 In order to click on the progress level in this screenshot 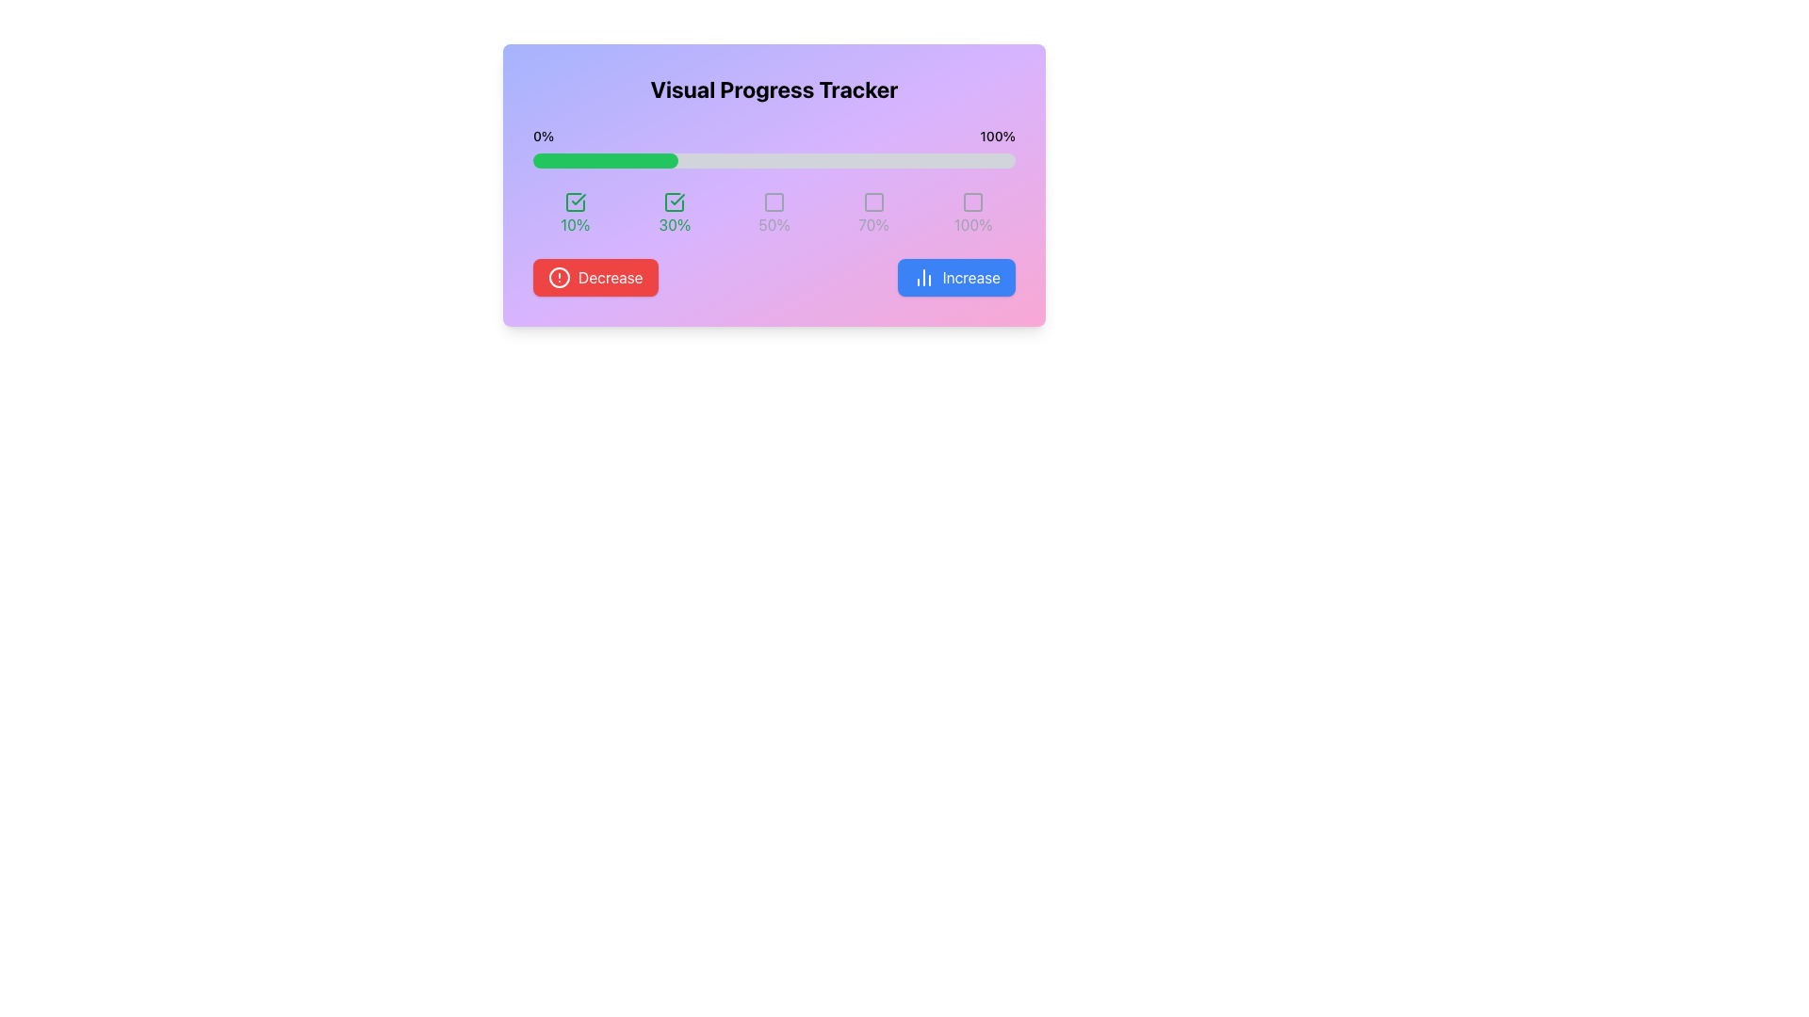, I will do `click(755, 159)`.